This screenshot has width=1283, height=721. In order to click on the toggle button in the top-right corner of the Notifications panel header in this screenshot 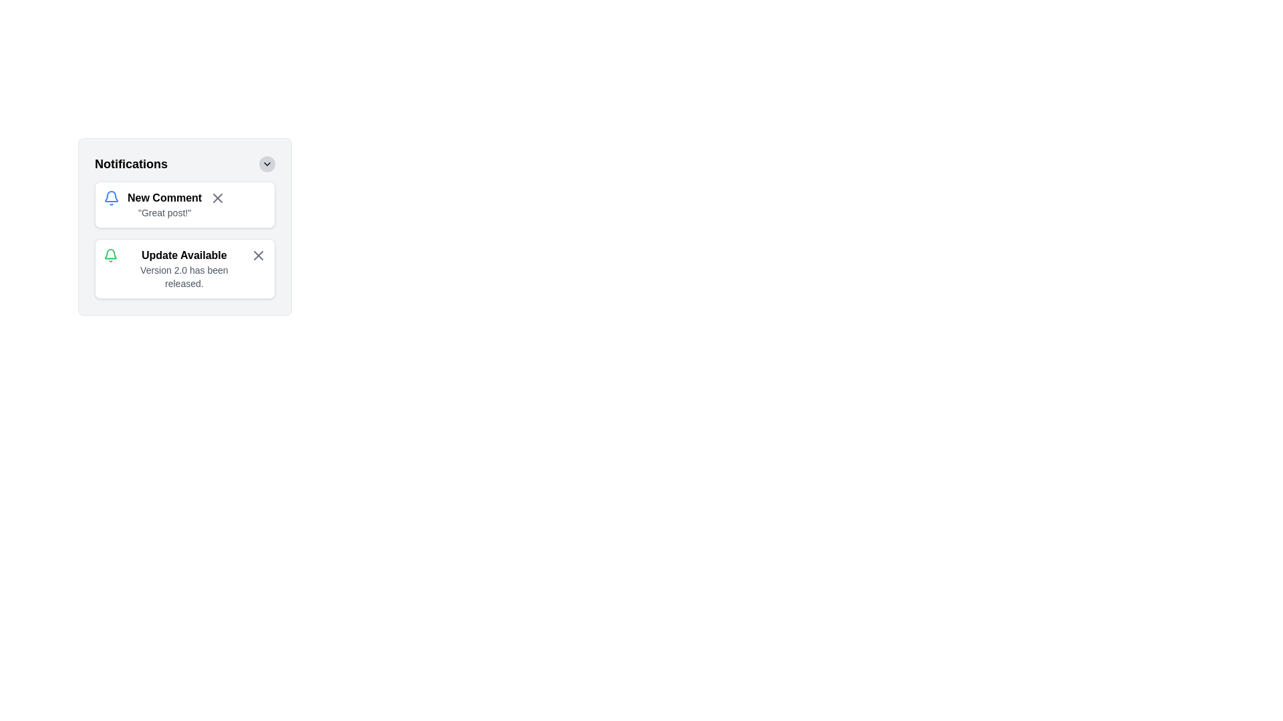, I will do `click(267, 164)`.